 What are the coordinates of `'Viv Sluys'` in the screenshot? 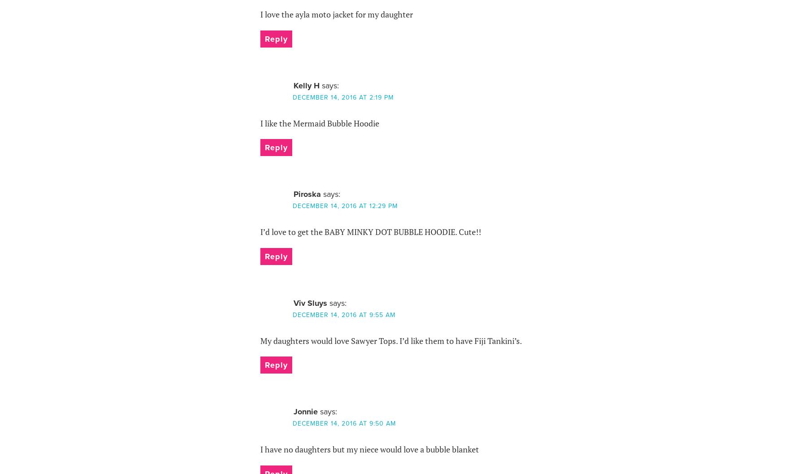 It's located at (309, 303).